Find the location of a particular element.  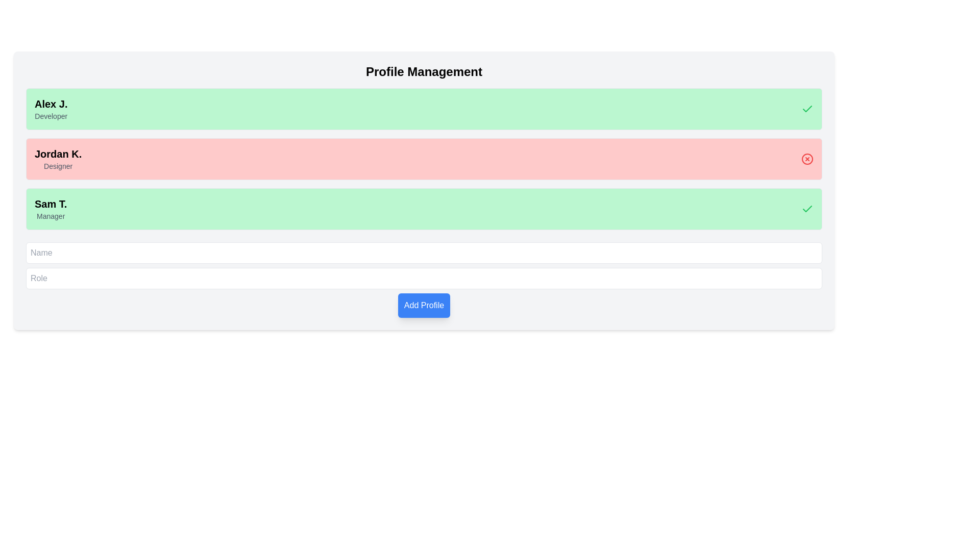

the text label element displaying 'Alex J.' located in the upper section of the interface, styled in bold and larger than surrounding text is located at coordinates (51, 104).